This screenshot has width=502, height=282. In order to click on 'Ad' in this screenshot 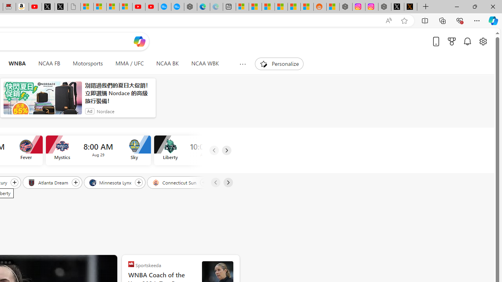, I will do `click(89, 111)`.